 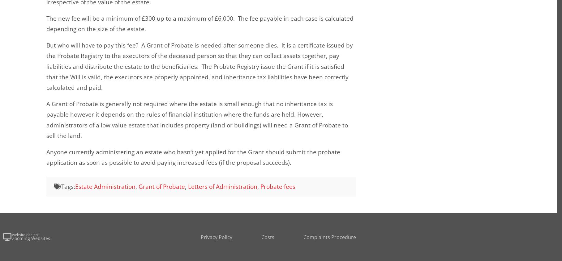 What do you see at coordinates (199, 66) in the screenshot?
I see `'But
who will have to pay this fee?  A Grant
of Probate is needed after someone dies. 
It is a certificate issued by the Probate Registry to the executors of
the deceased person so that they can collect assets together, pay liabilities
and distribute the estate to the beneficiaries.  The Probate Registry issue the Grant if it is satisfied
that the Will is valid, the executors are properly appointed, and inheritance
tax liabilities have been correctly calculated and paid.'` at bounding box center [199, 66].